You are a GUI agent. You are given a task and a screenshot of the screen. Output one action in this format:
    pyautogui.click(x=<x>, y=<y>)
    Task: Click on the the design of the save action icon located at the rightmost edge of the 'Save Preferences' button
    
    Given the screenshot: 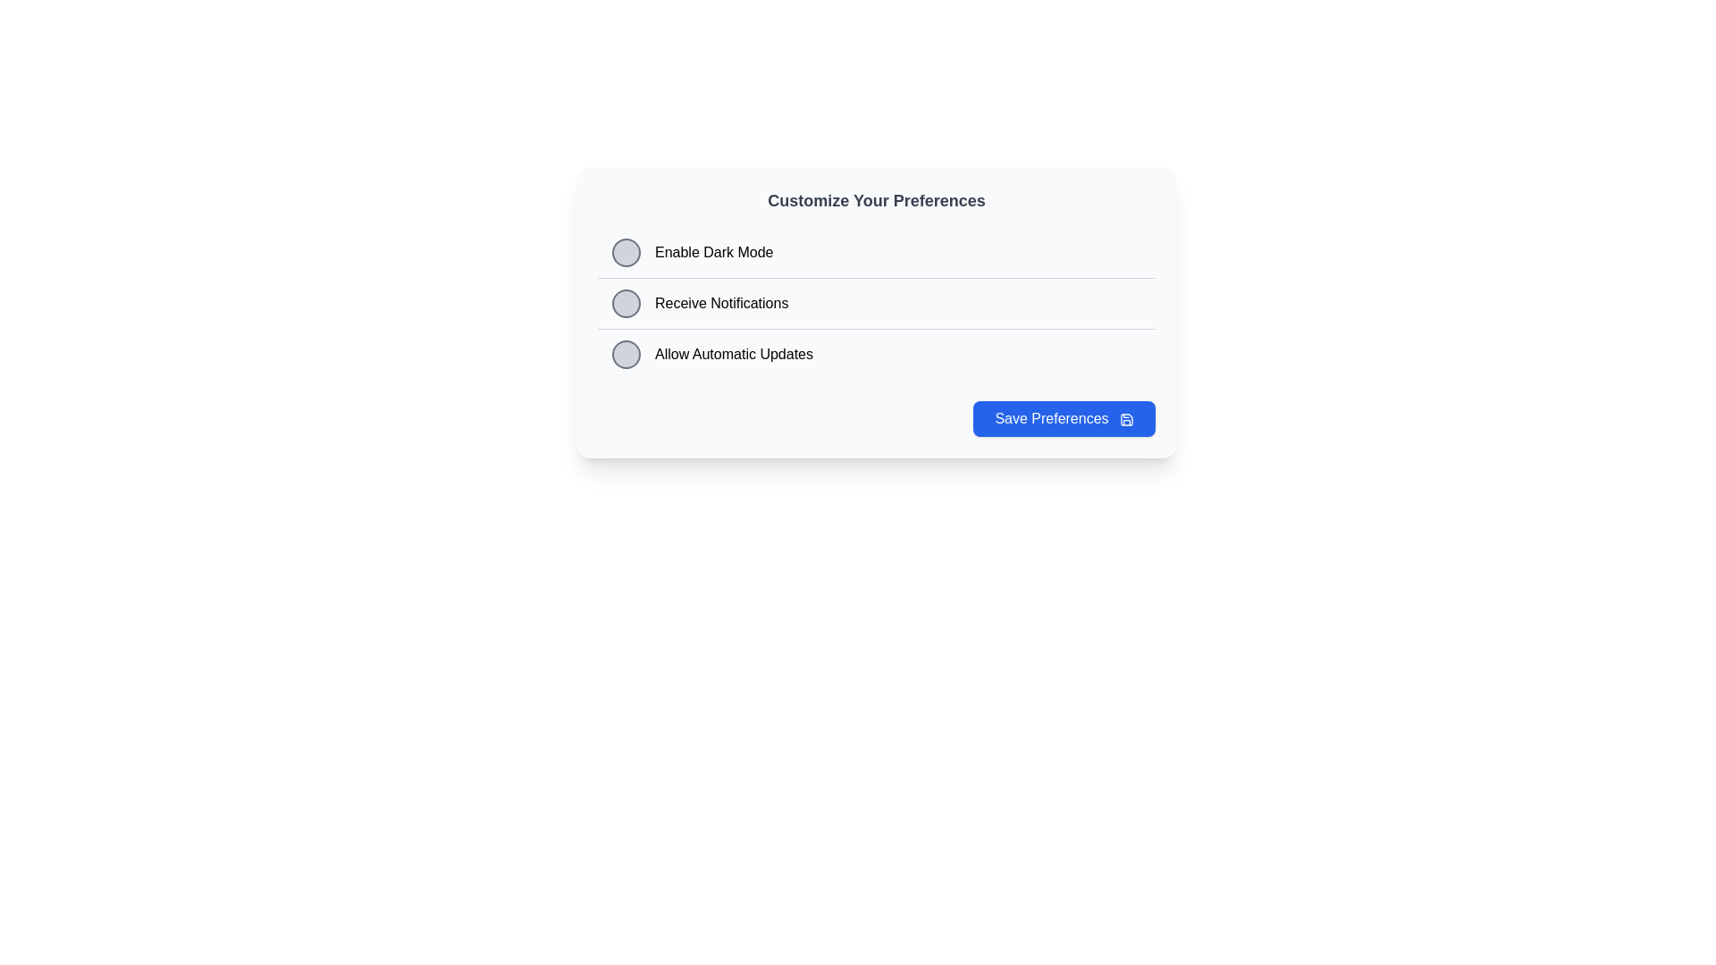 What is the action you would take?
    pyautogui.click(x=1126, y=419)
    